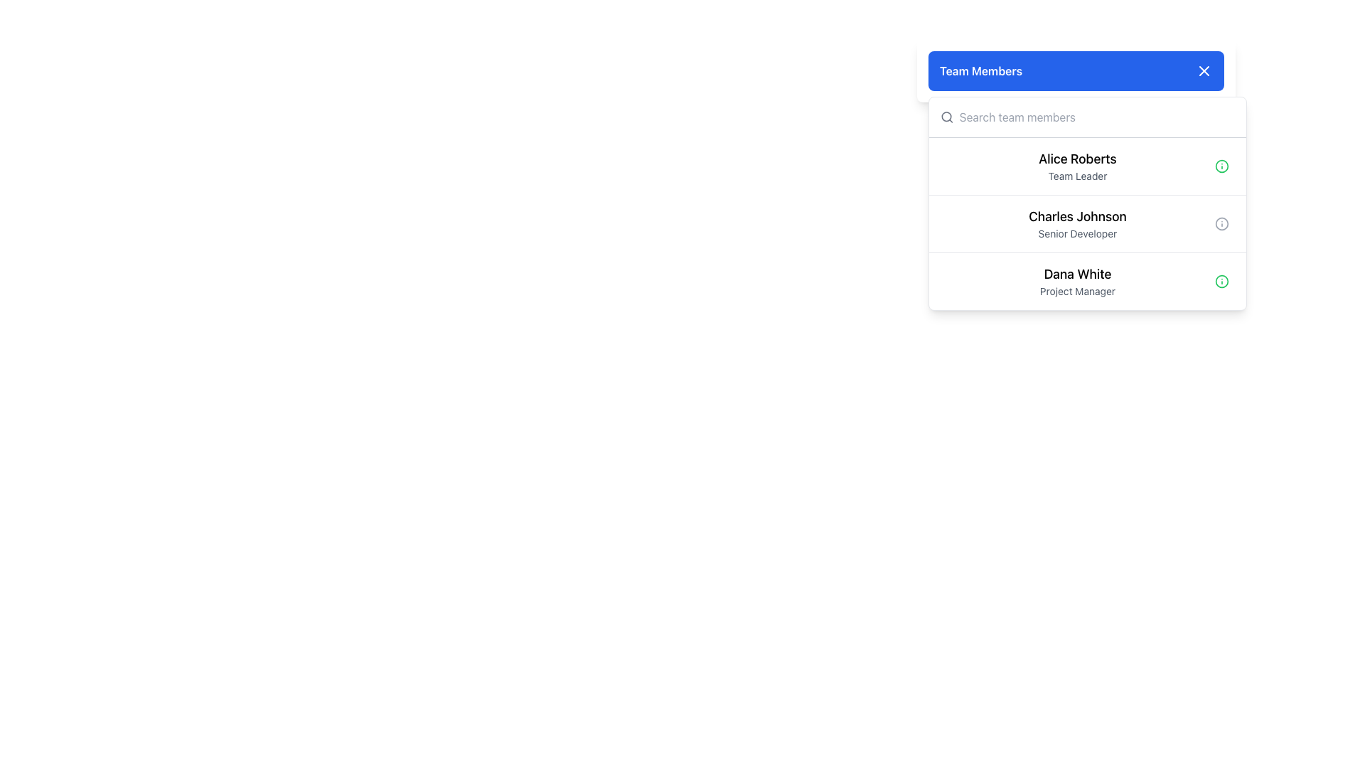  What do you see at coordinates (1221, 166) in the screenshot?
I see `the circular green icon with a white border containing an informational symbol located to the far right of 'Alice Roberts Team Leader'` at bounding box center [1221, 166].